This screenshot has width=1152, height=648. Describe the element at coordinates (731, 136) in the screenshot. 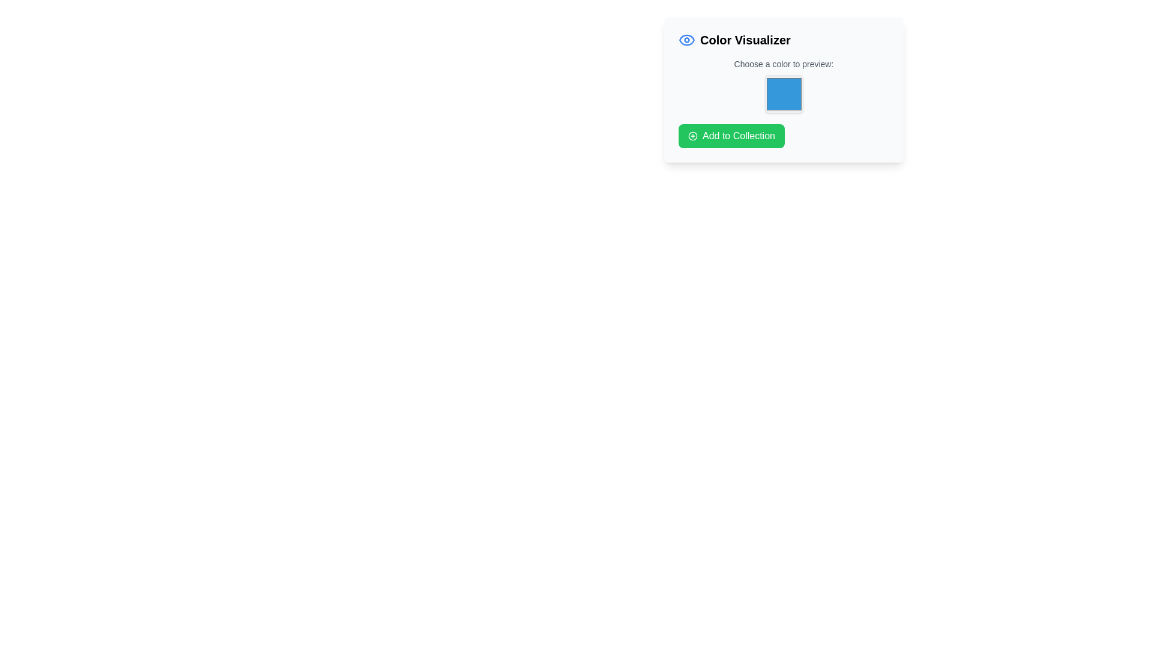

I see `the 'Add Color' button located at the bottom of the 'Color Visualizer' card` at that location.